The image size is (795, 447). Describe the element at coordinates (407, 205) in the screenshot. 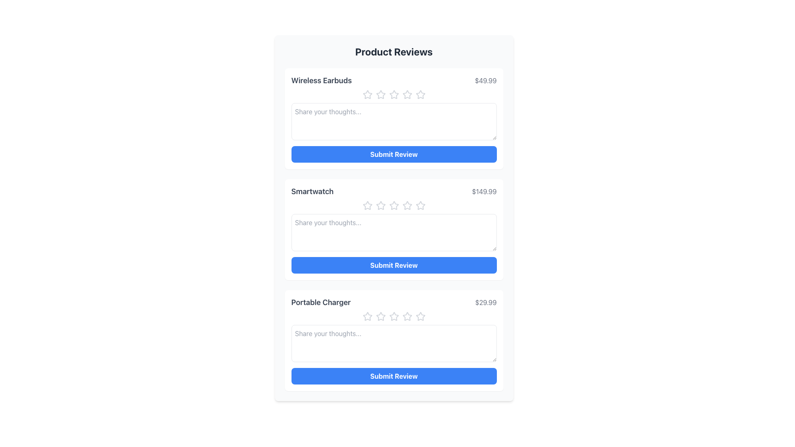

I see `on the third clickable rating star under the title 'Smartwatch' in the second product review section` at that location.